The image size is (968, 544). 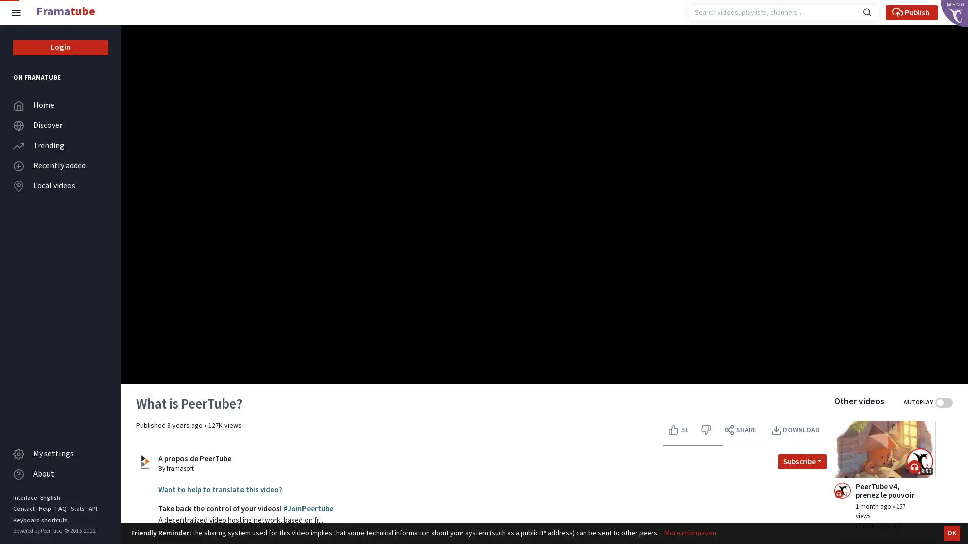 I want to click on Like this video, so click(x=679, y=430).